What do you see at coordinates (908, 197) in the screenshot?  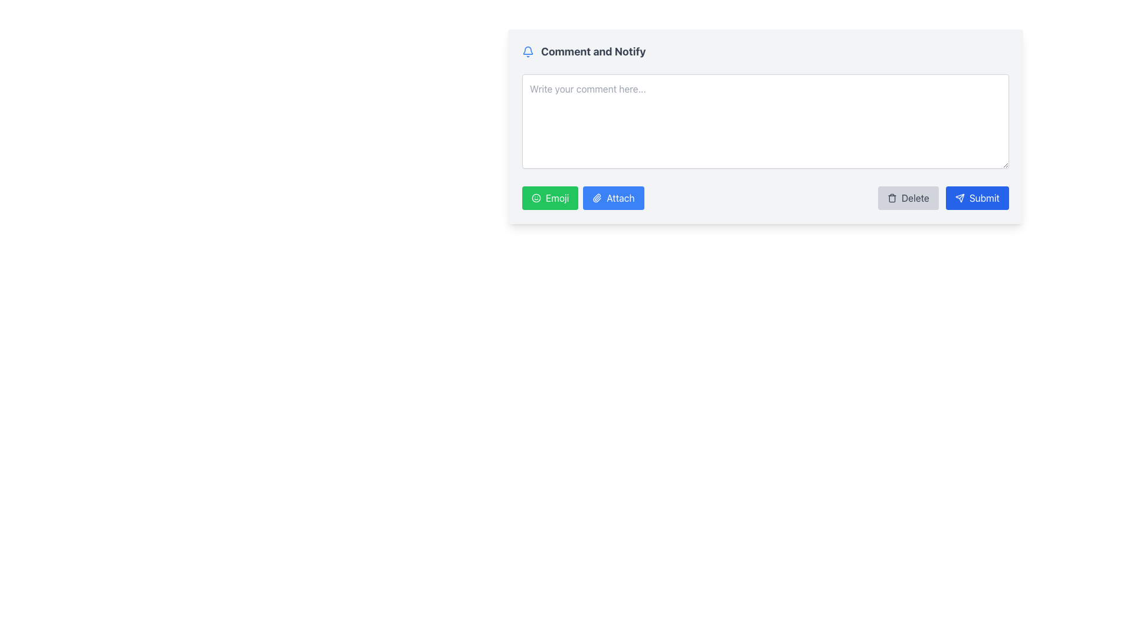 I see `the 'Delete' button with a light gray background and a trash can icon to trigger a visual response` at bounding box center [908, 197].